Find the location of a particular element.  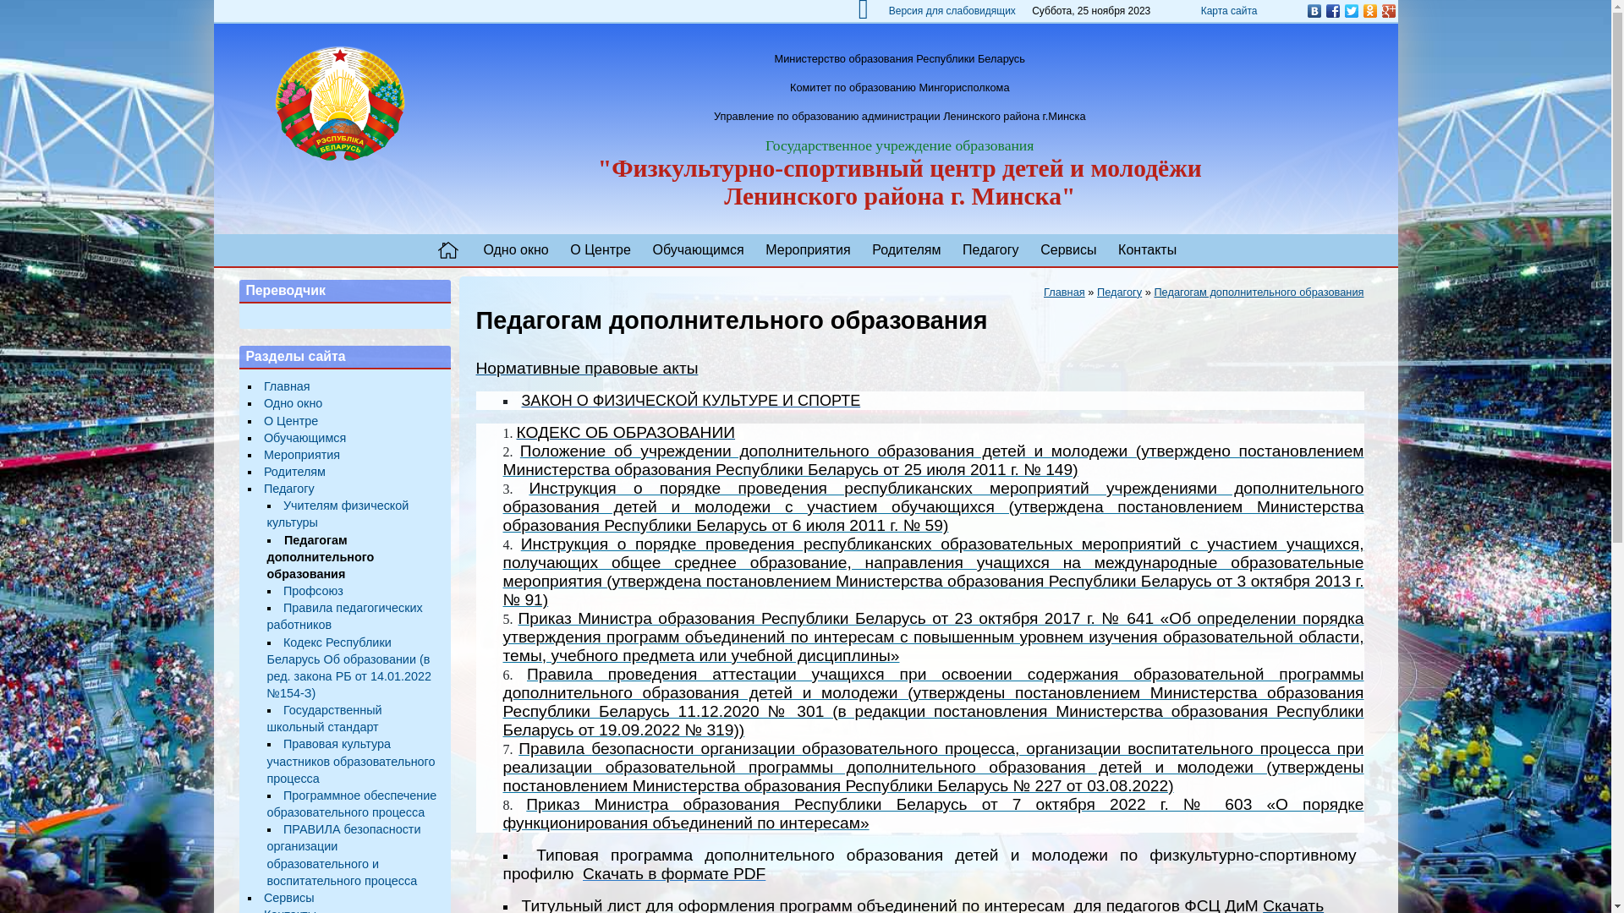

'Twitter' is located at coordinates (1350, 10).